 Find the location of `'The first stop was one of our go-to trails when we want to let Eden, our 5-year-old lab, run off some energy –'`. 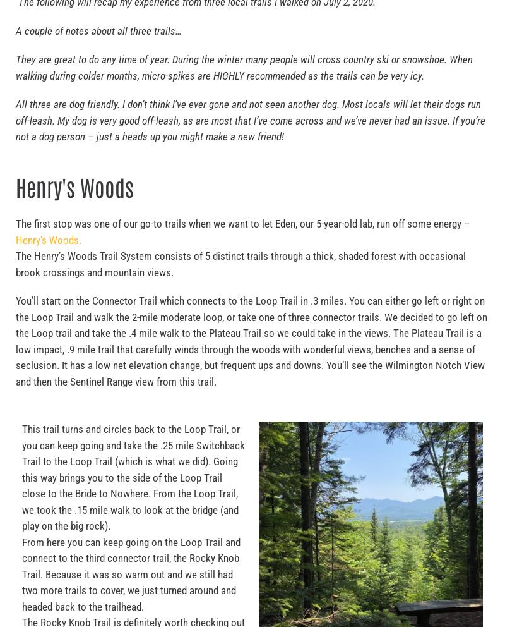

'The first stop was one of our go-to trails when we want to let Eden, our 5-year-old lab, run off some energy –' is located at coordinates (242, 223).